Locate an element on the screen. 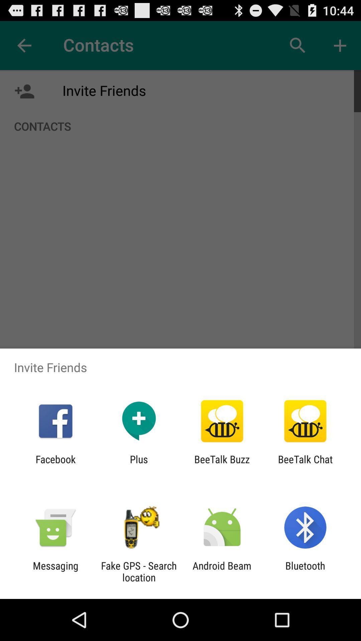 The height and width of the screenshot is (641, 361). the item to the left of fake gps search app is located at coordinates (55, 571).